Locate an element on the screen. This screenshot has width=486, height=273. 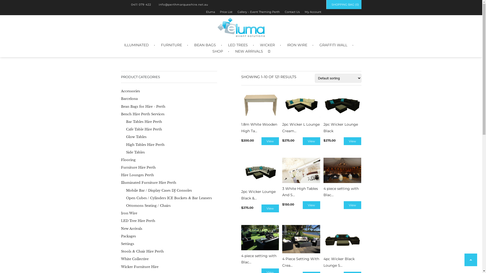
'SHOPPING BAG (0)' is located at coordinates (343, 5).